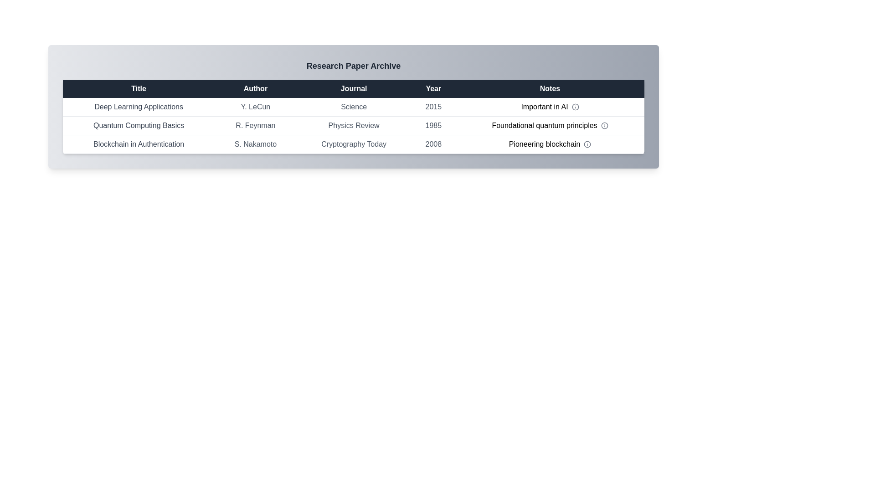  Describe the element at coordinates (604, 126) in the screenshot. I see `the info icon for the row corresponding to Quantum Computing Basics` at that location.